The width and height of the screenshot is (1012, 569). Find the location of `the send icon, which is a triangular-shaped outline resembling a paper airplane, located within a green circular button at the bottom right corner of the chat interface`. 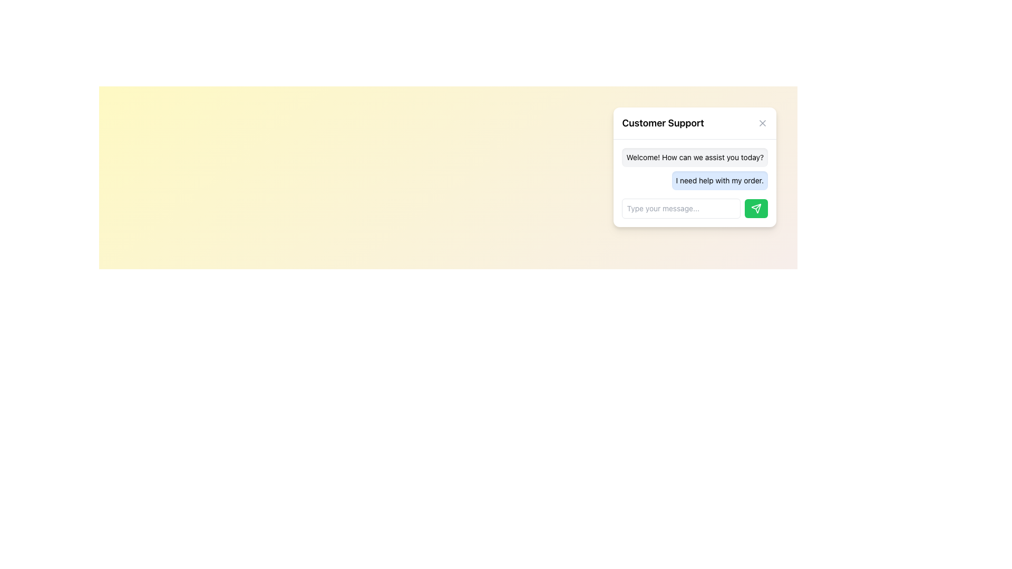

the send icon, which is a triangular-shaped outline resembling a paper airplane, located within a green circular button at the bottom right corner of the chat interface is located at coordinates (756, 209).